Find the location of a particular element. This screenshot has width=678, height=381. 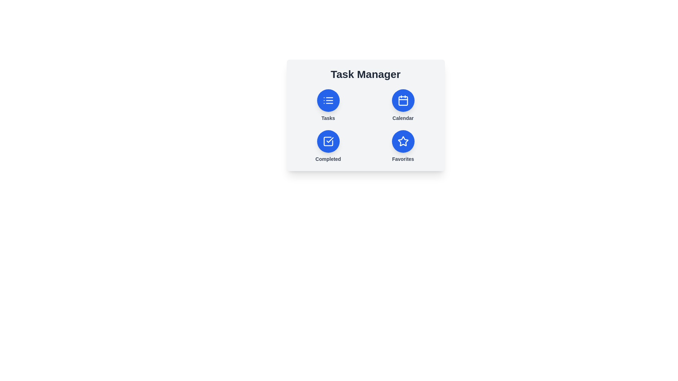

the blue square checkmark icon located in the lower-left quadrant of the grid layout is located at coordinates (328, 141).